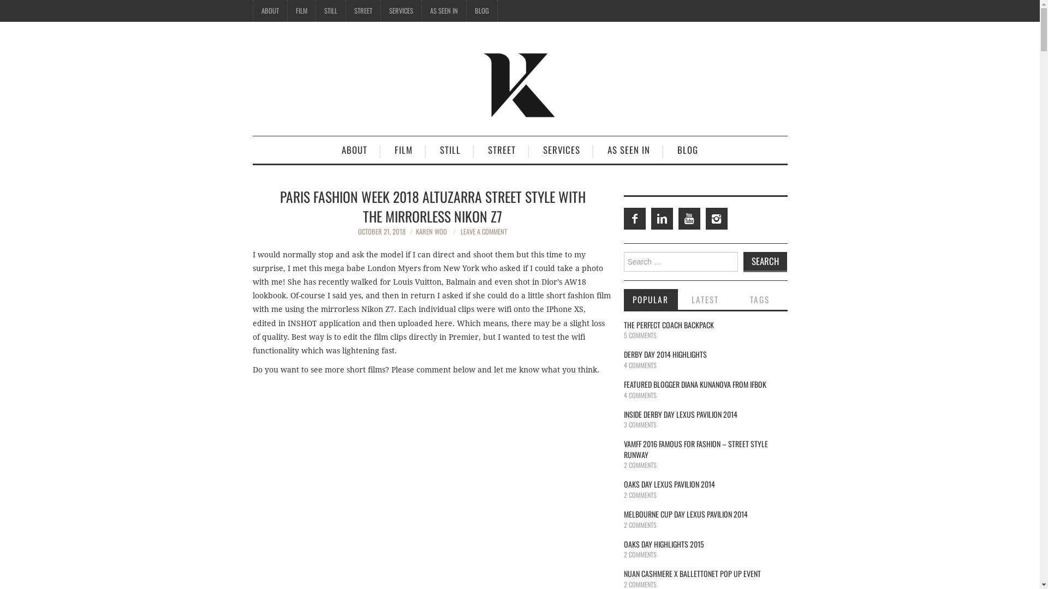 The image size is (1048, 589). What do you see at coordinates (314, 10) in the screenshot?
I see `'STILL'` at bounding box center [314, 10].